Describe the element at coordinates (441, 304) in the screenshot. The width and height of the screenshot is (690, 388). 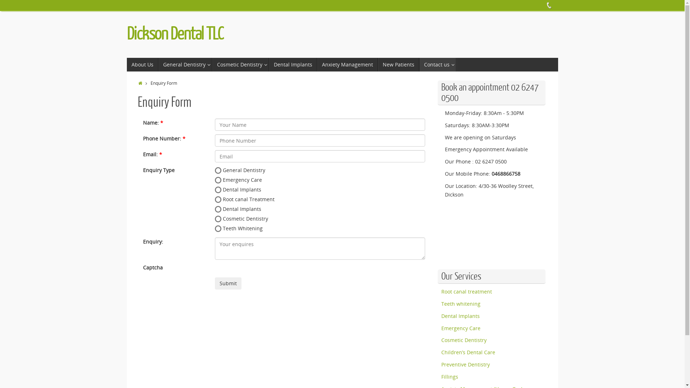
I see `'Teeth whitening'` at that location.